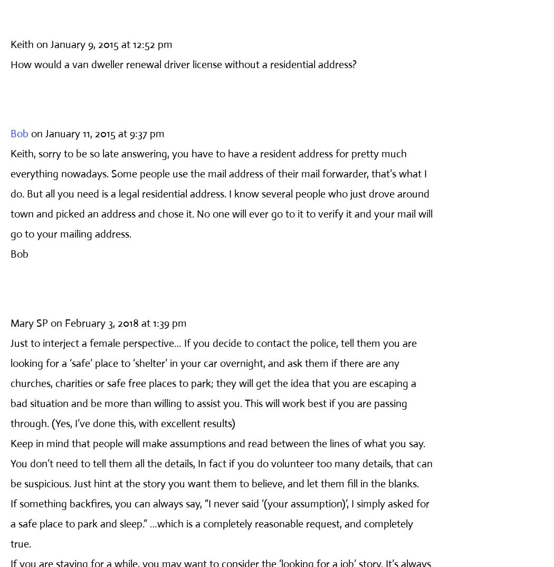 This screenshot has height=567, width=554. I want to click on 'on February 3, 2018 at 1:39 pm', so click(119, 323).